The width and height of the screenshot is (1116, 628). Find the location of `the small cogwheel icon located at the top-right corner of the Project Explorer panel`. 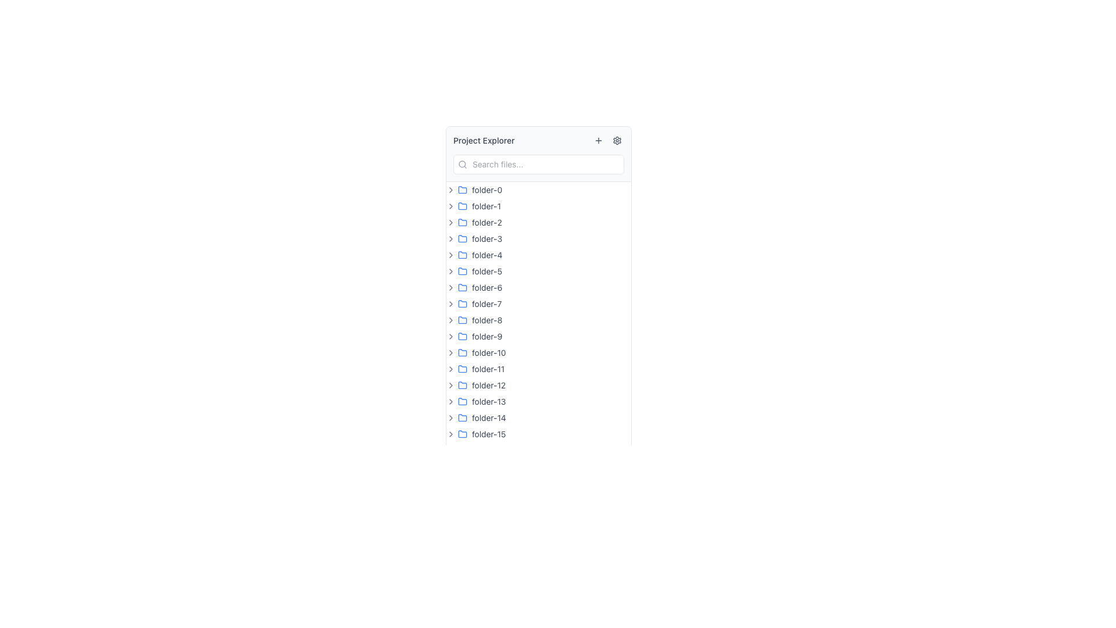

the small cogwheel icon located at the top-right corner of the Project Explorer panel is located at coordinates (616, 140).